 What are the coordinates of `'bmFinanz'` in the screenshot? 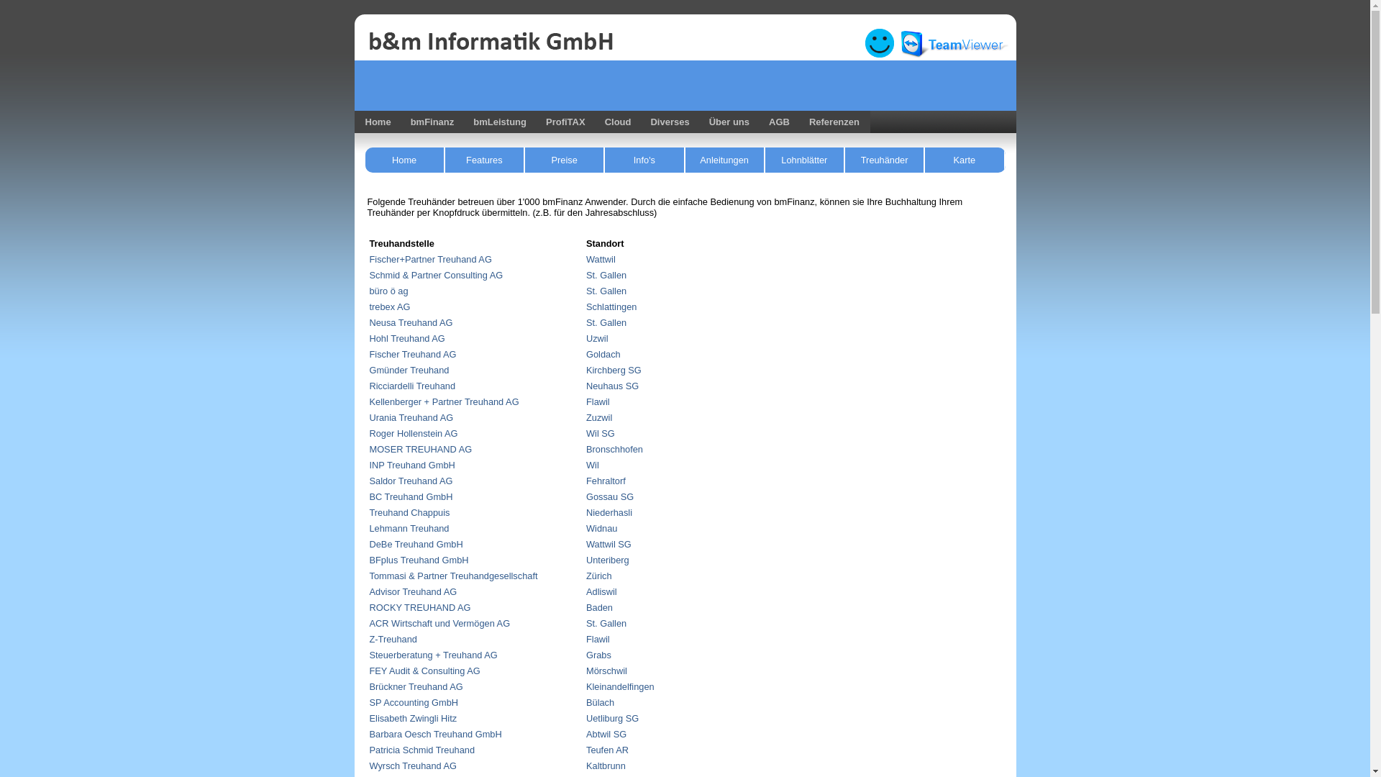 It's located at (429, 121).